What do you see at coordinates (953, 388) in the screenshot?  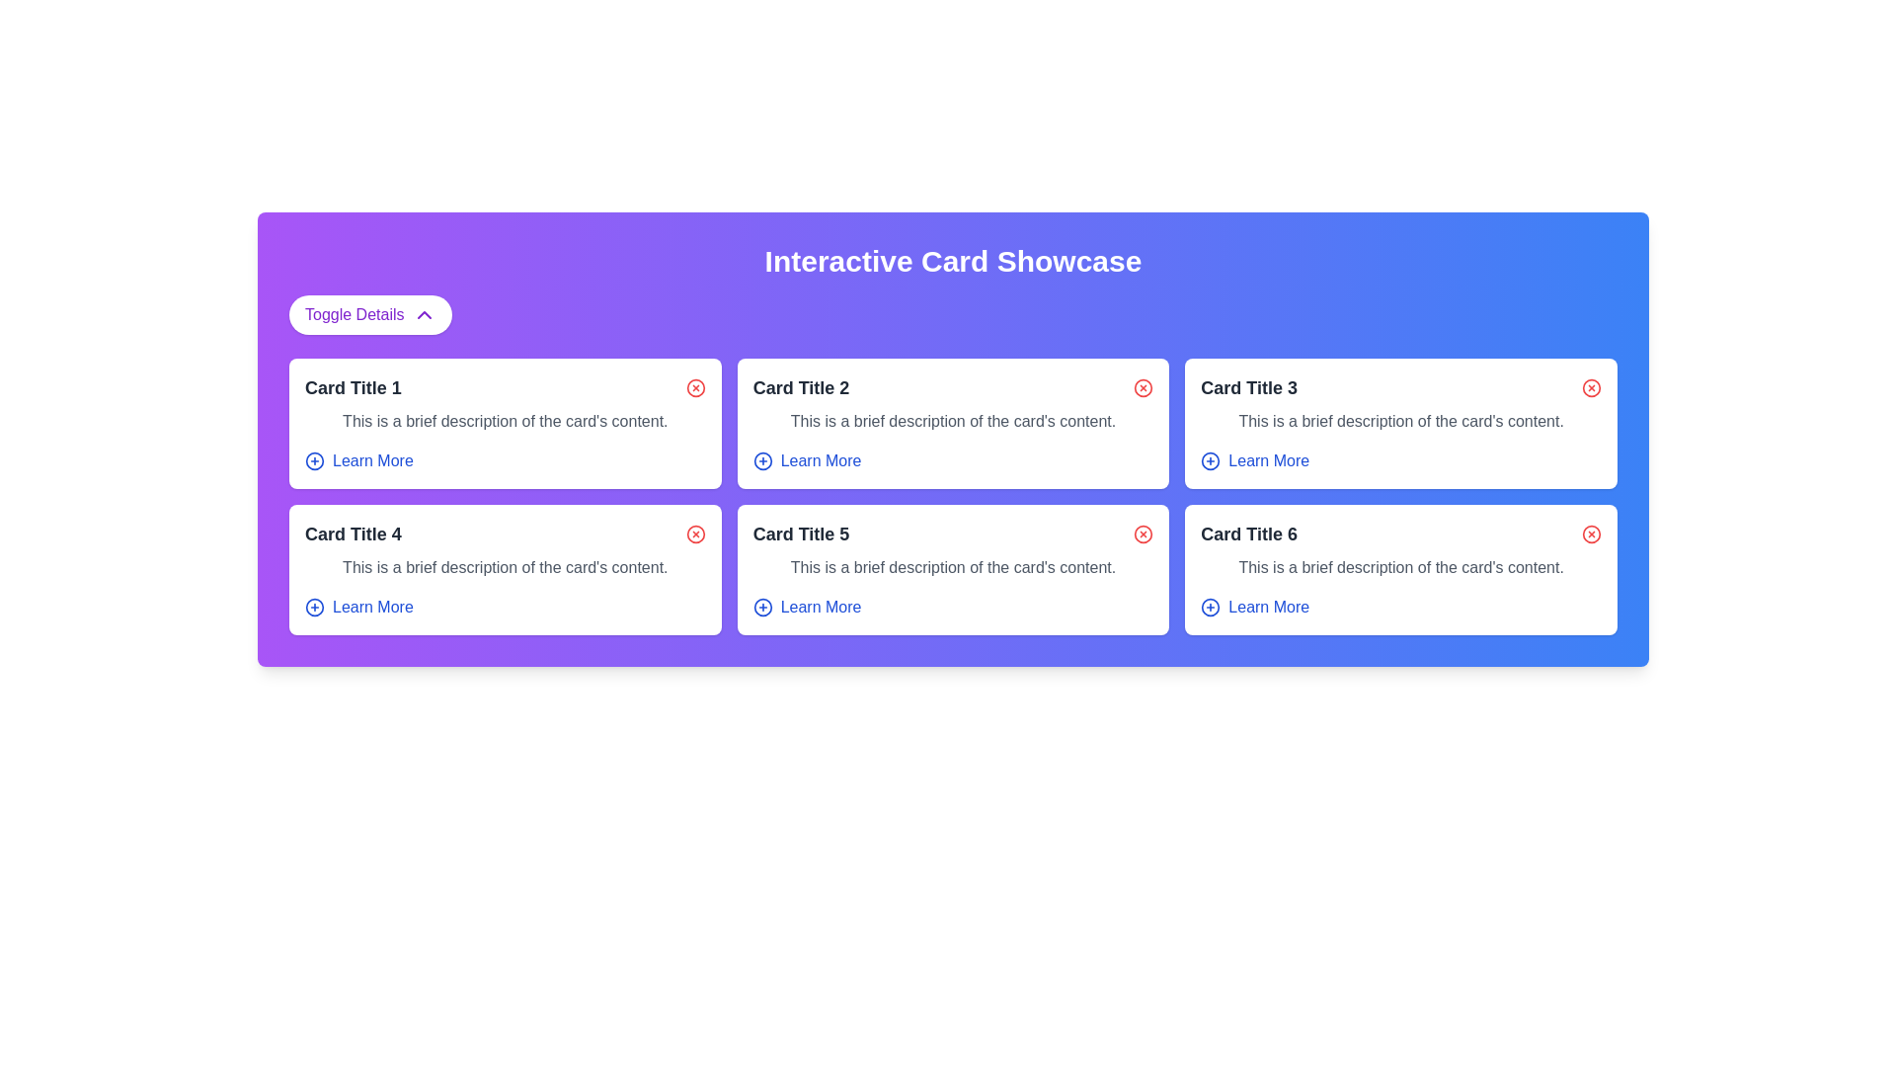 I see `title text 'Card Title 2' from the header section containing a red 'X' icon for deletion, located within the card-like component` at bounding box center [953, 388].